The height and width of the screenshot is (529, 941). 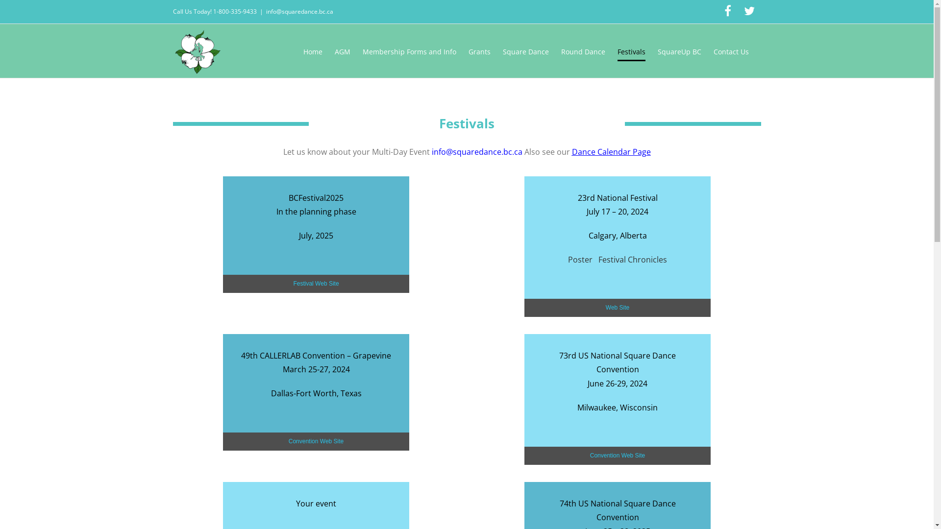 What do you see at coordinates (633, 259) in the screenshot?
I see `'Festival Chronicles'` at bounding box center [633, 259].